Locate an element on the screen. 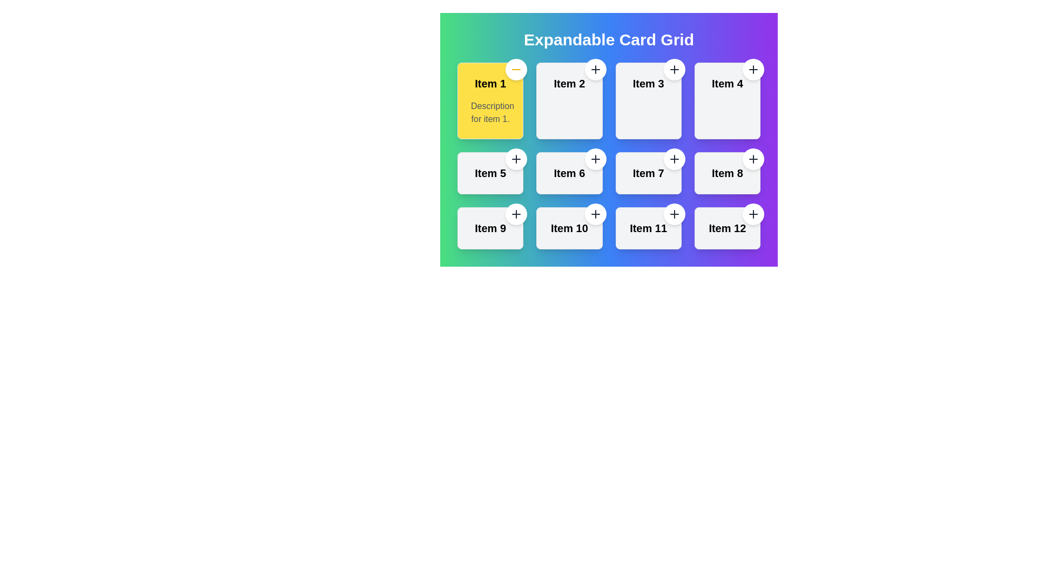 This screenshot has width=1037, height=583. the small plus sign icon button located at the top-right corner of the card labeled 'Item 9' is located at coordinates (516, 214).